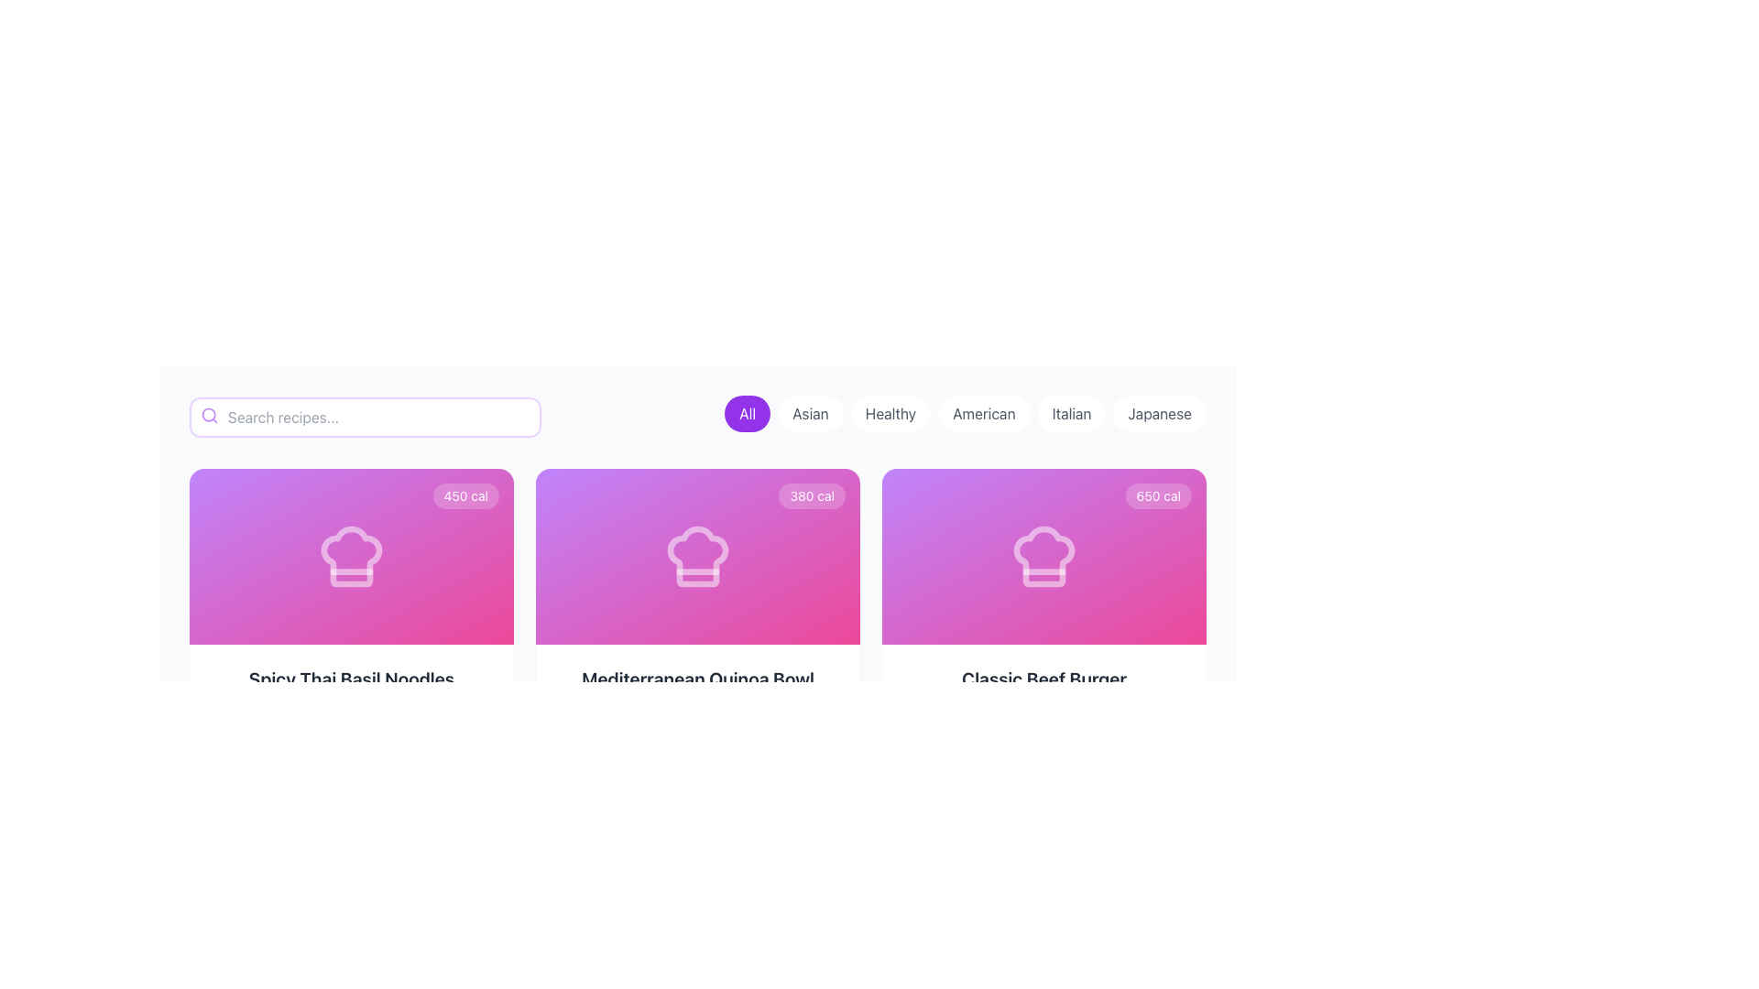 The image size is (1759, 989). Describe the element at coordinates (1072, 413) in the screenshot. I see `the filter button for selecting 'Italian' cuisine` at that location.